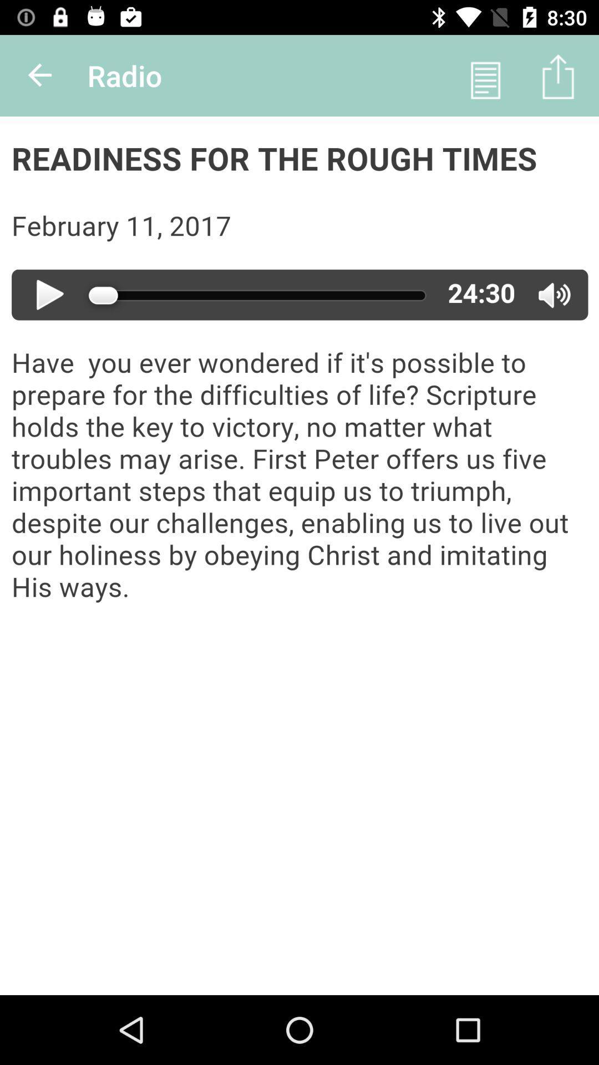 This screenshot has width=599, height=1065. I want to click on back putton, so click(40, 75).